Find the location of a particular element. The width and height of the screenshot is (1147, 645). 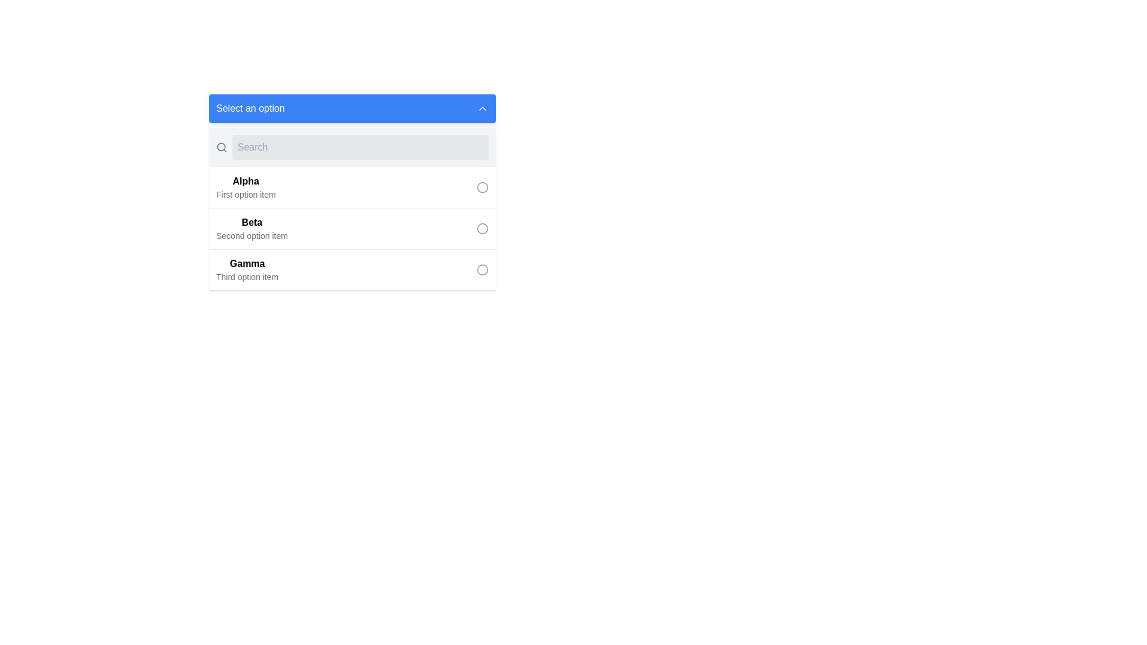

the icon button located to the far right within the blue header section labeled 'Select an option' is located at coordinates (482, 108).